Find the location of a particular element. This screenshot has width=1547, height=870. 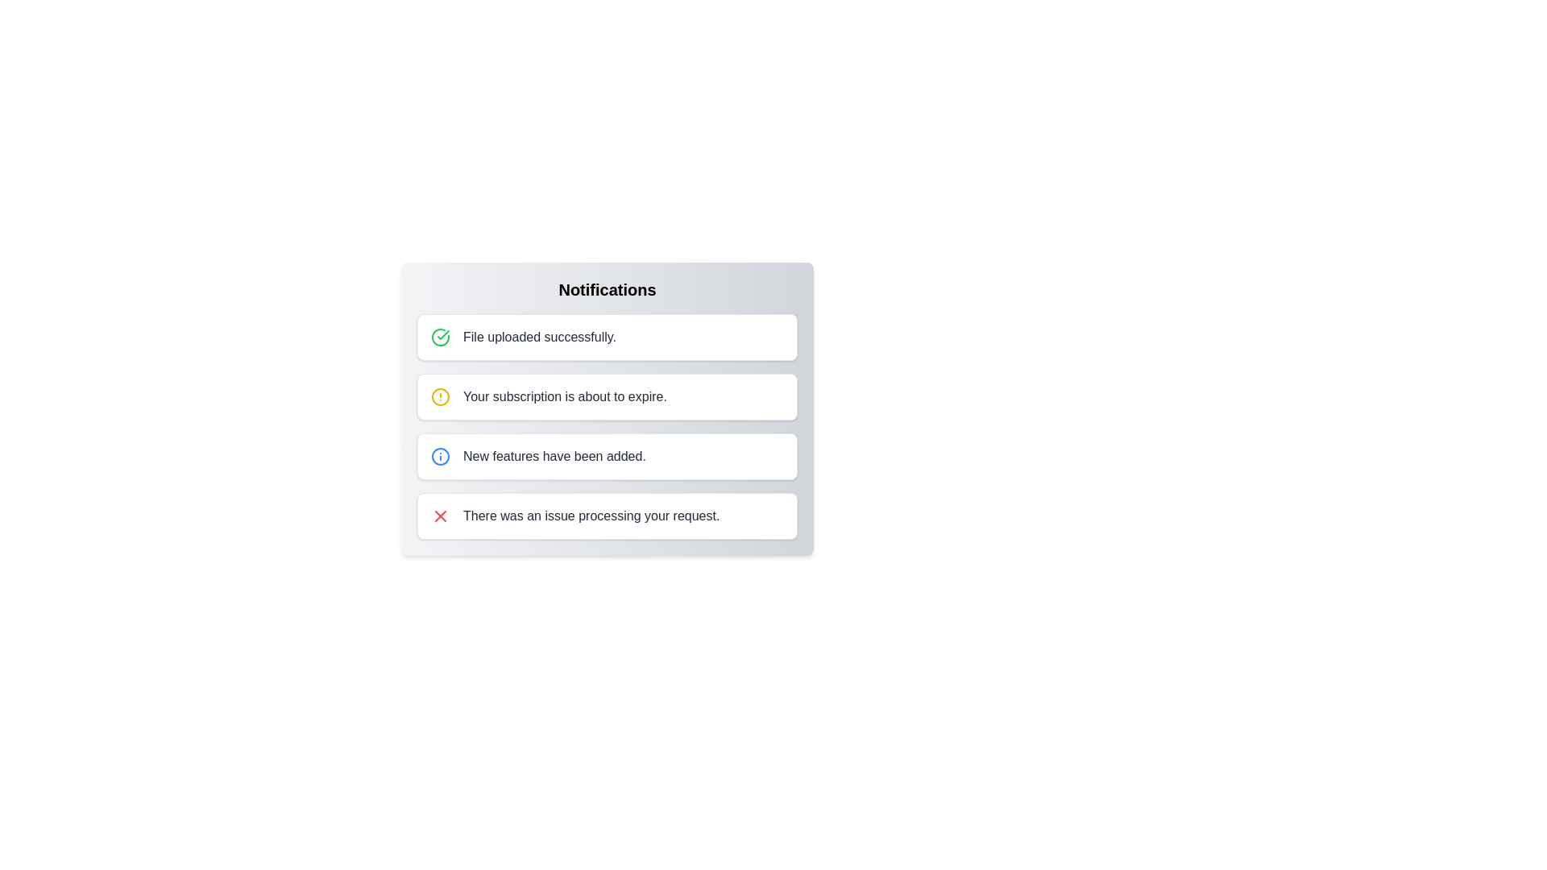

the outer ring of the information icon located in the notification panel under 'Notifications' is located at coordinates (441, 457).